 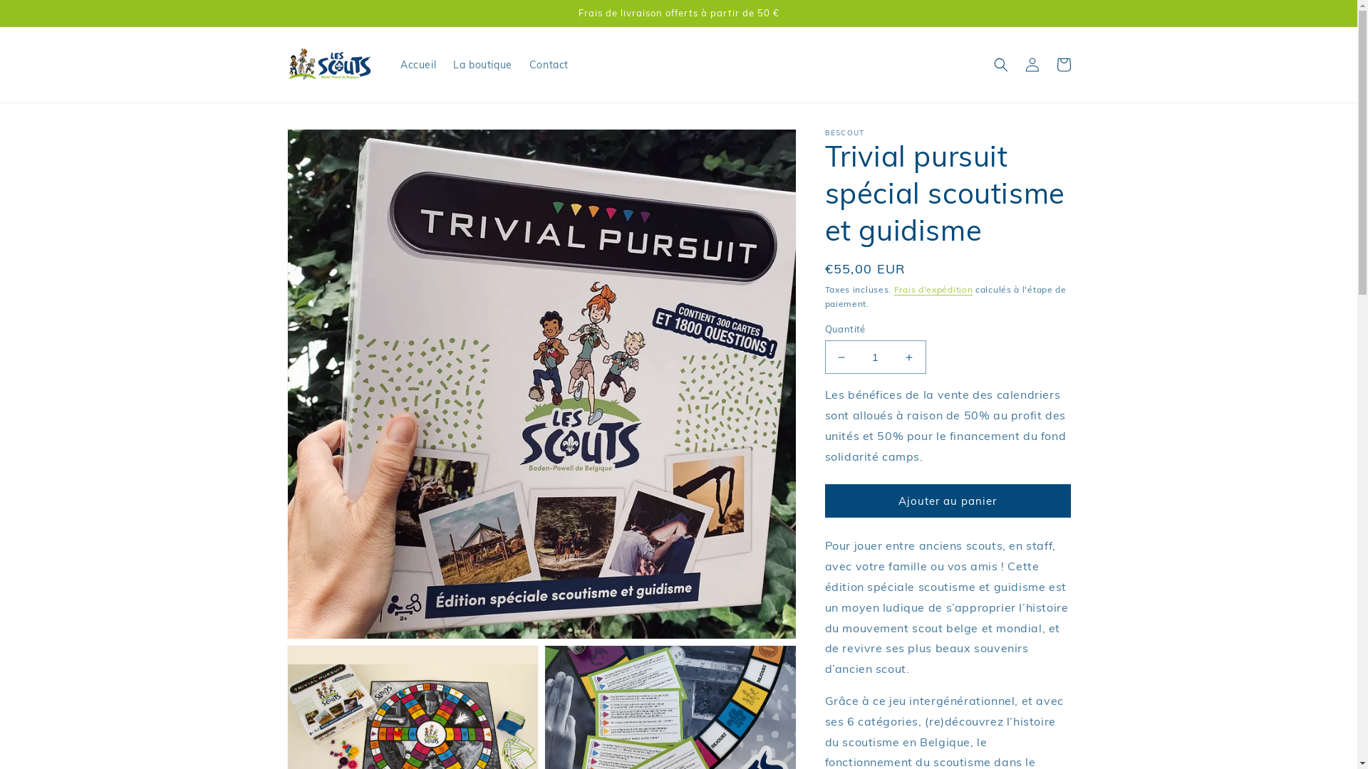 I want to click on 'Ajouter au panier', so click(x=948, y=500).